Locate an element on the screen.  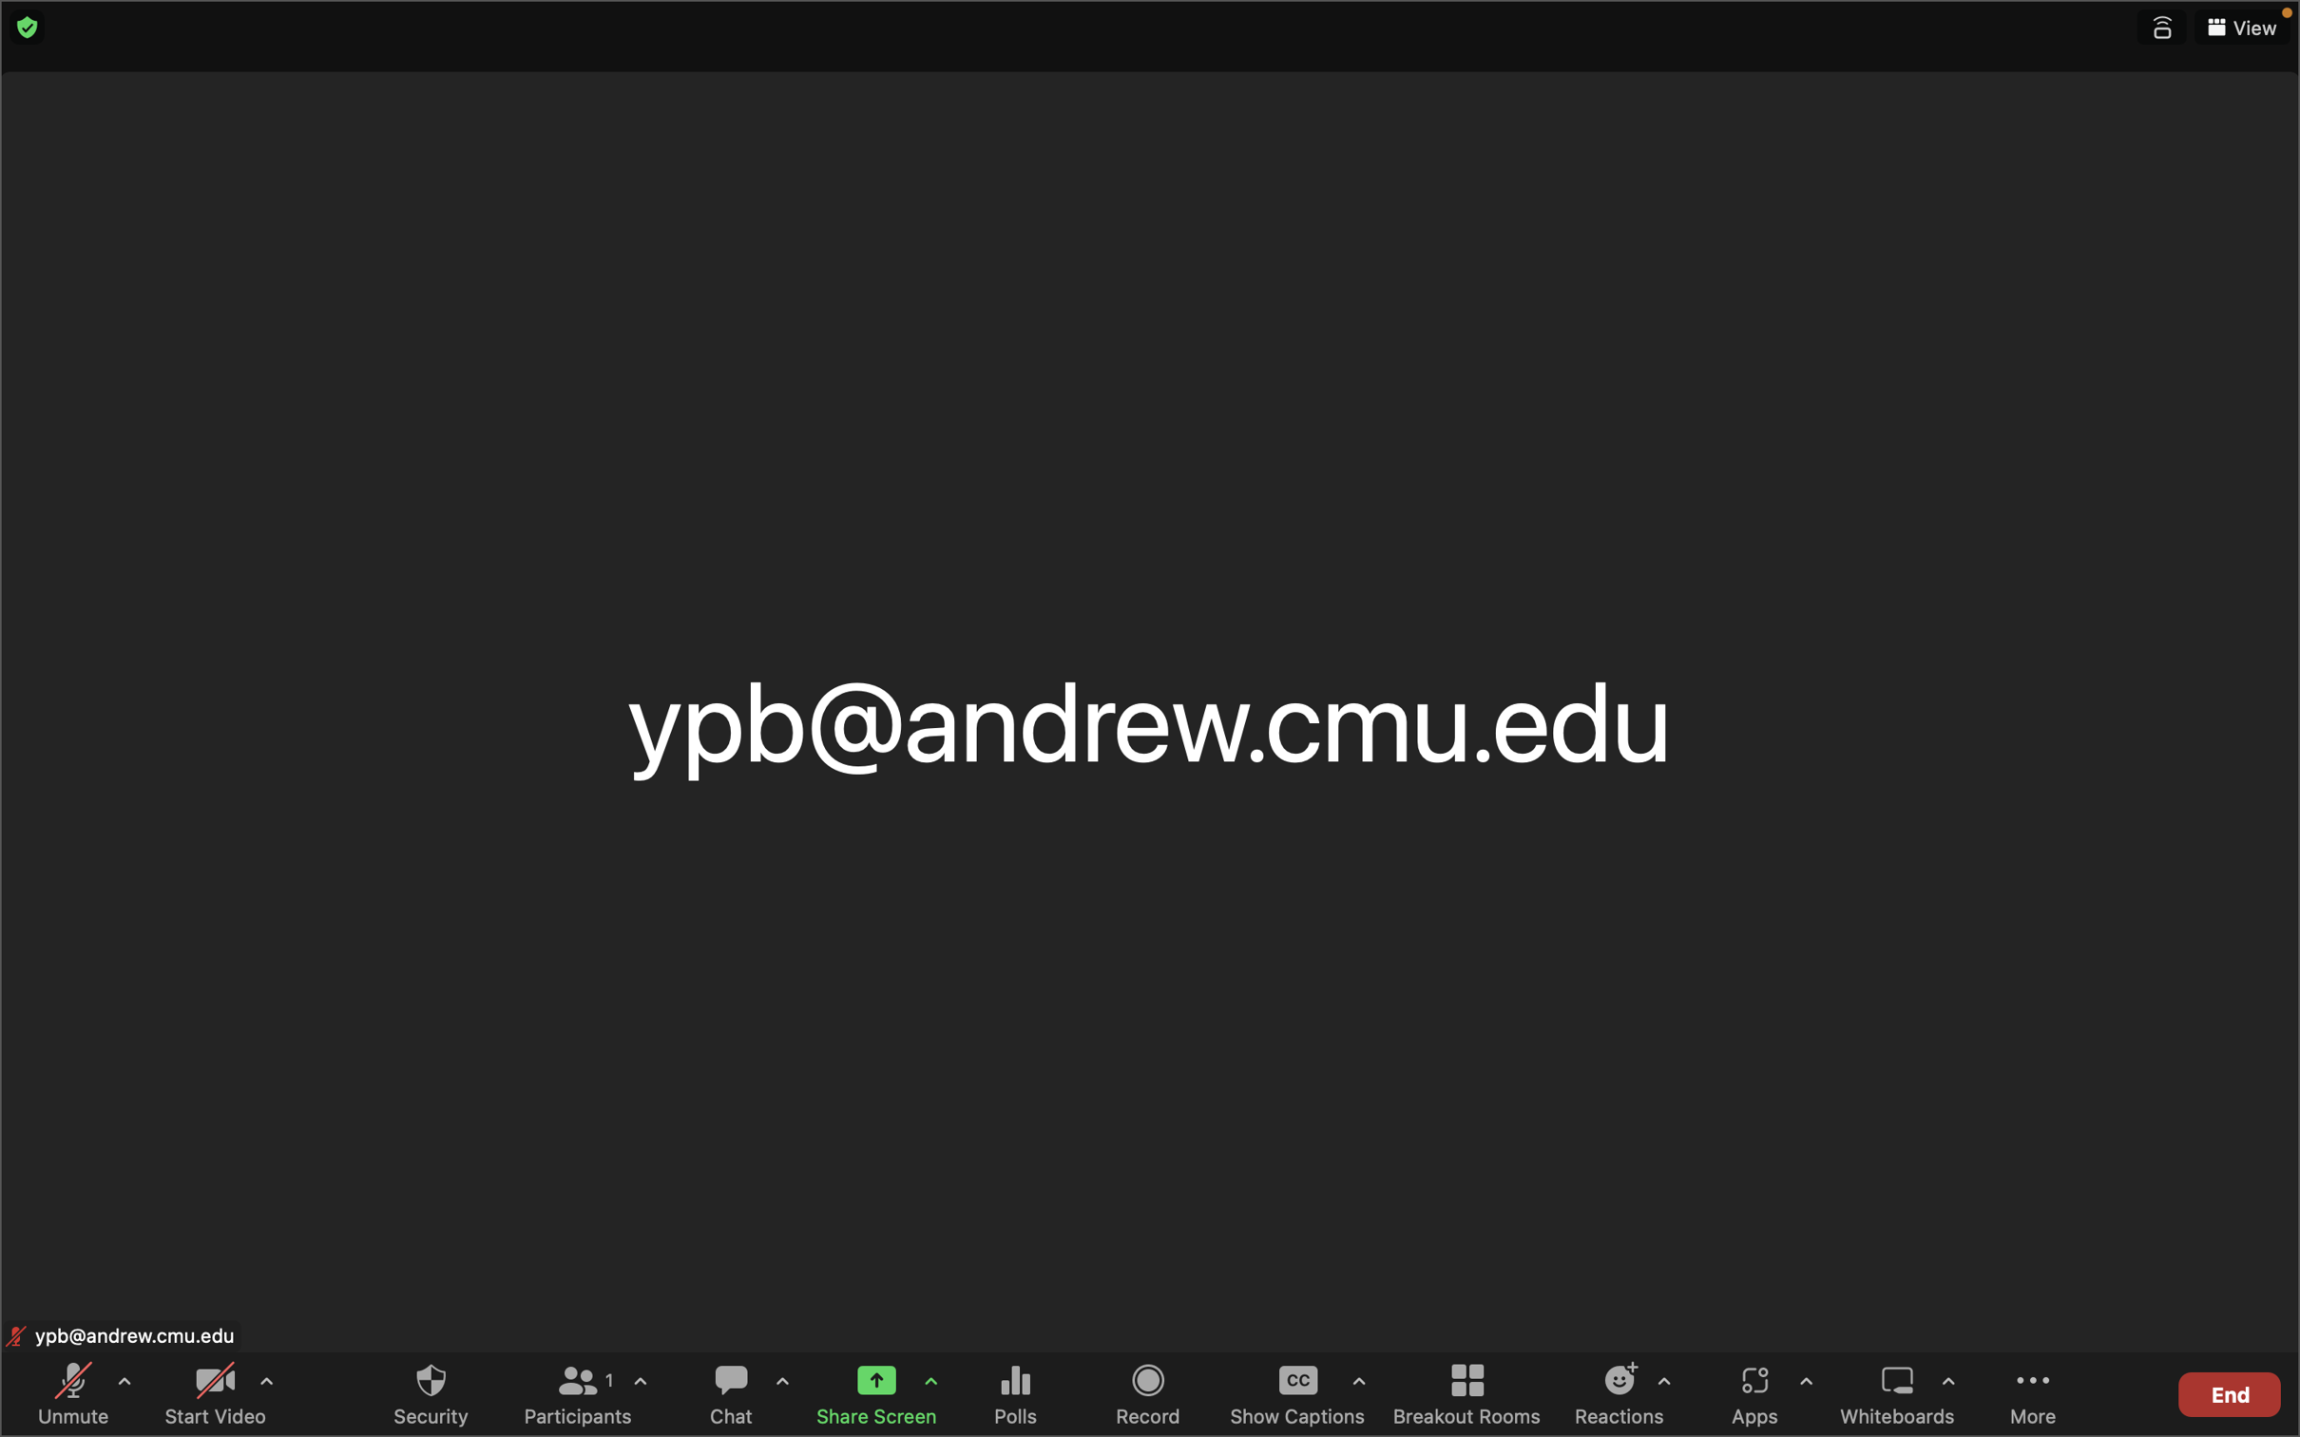
Bring up the video preferences is located at coordinates (264, 1389).